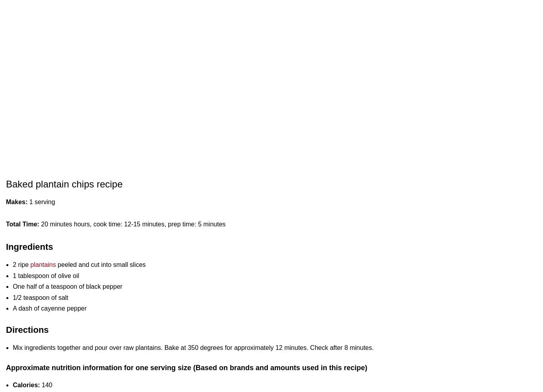  What do you see at coordinates (26, 384) in the screenshot?
I see `'Calories:'` at bounding box center [26, 384].